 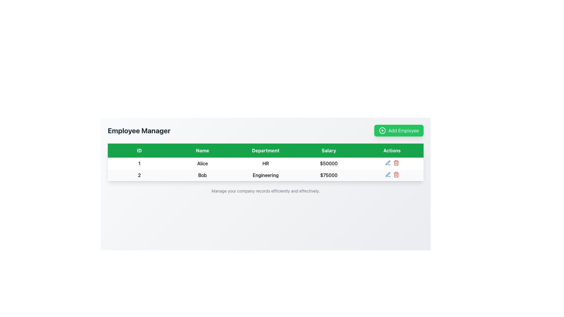 I want to click on the table cell displaying 'HR' under the 'Department' column for employee 'Alice', so click(x=265, y=163).